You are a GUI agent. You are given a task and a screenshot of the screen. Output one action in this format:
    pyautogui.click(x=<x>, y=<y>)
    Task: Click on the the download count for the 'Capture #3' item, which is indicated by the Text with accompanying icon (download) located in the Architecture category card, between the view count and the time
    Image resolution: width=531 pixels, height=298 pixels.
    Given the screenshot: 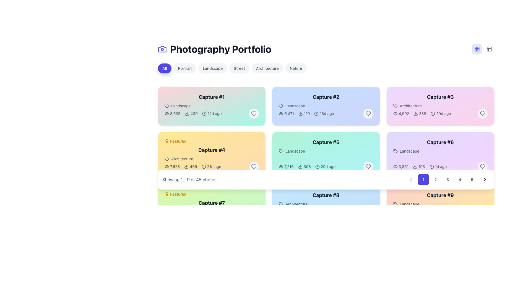 What is the action you would take?
    pyautogui.click(x=420, y=113)
    